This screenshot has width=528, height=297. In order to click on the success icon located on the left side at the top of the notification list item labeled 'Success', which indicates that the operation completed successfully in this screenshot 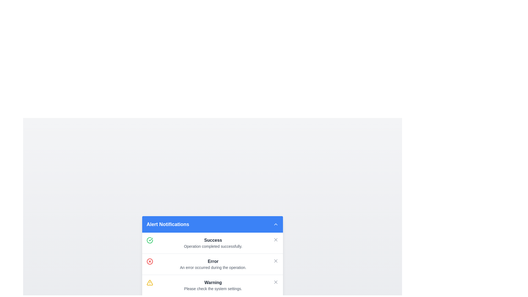, I will do `click(150, 240)`.